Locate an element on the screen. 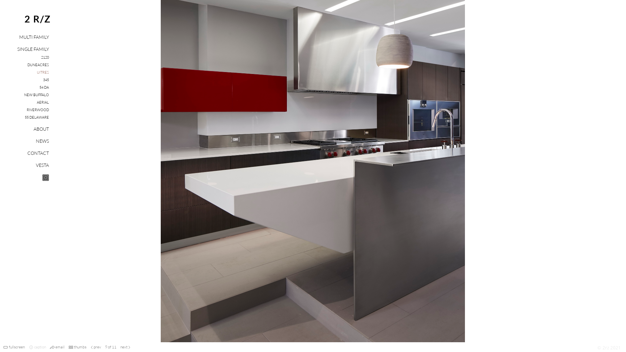 This screenshot has height=352, width=626. 'prev' is located at coordinates (93, 346).